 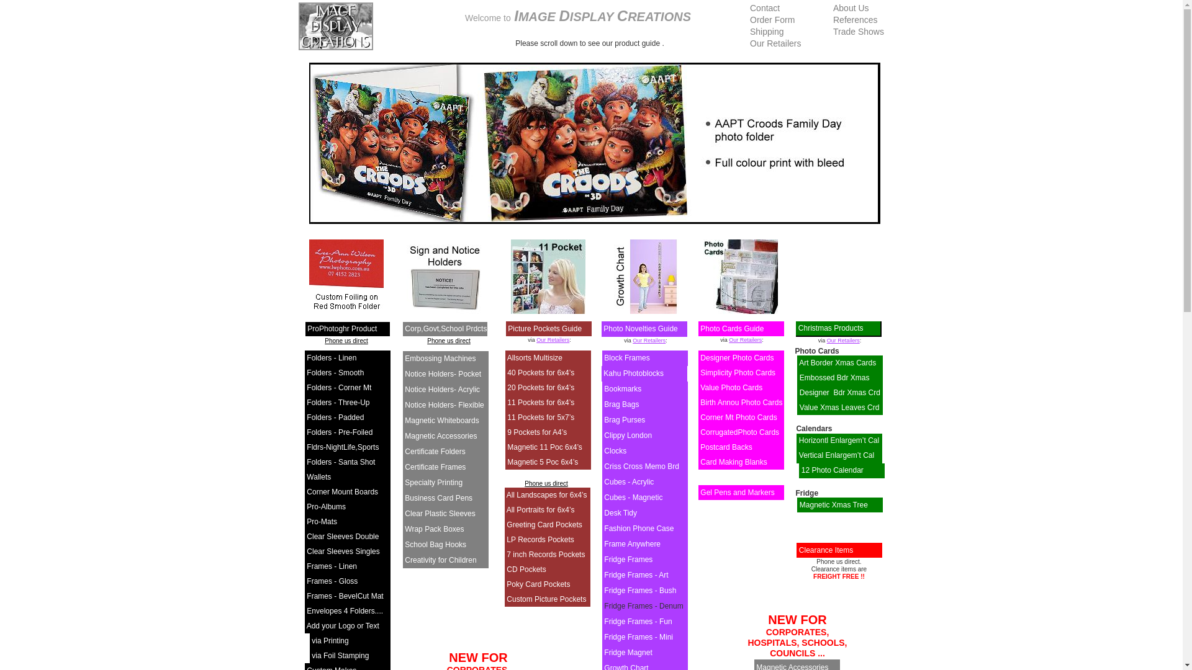 I want to click on 'Add your Logo or Text', so click(x=343, y=626).